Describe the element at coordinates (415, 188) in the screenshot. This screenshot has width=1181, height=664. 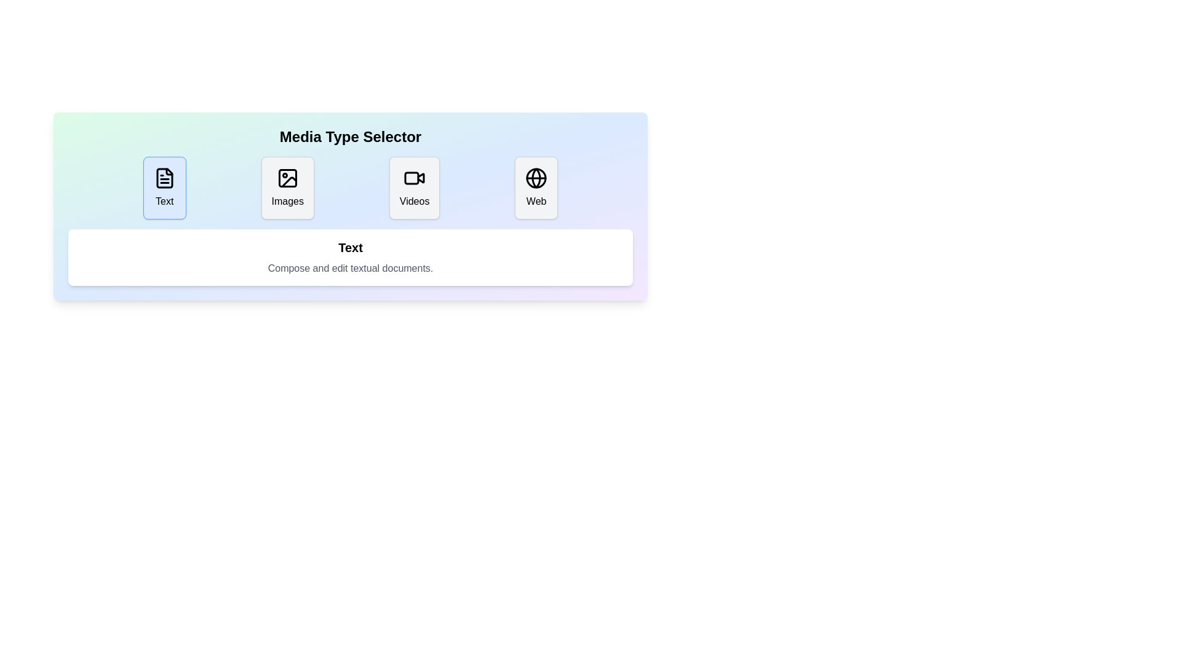
I see `the 'Videos' button, which is the third button from the left in a row of four` at that location.